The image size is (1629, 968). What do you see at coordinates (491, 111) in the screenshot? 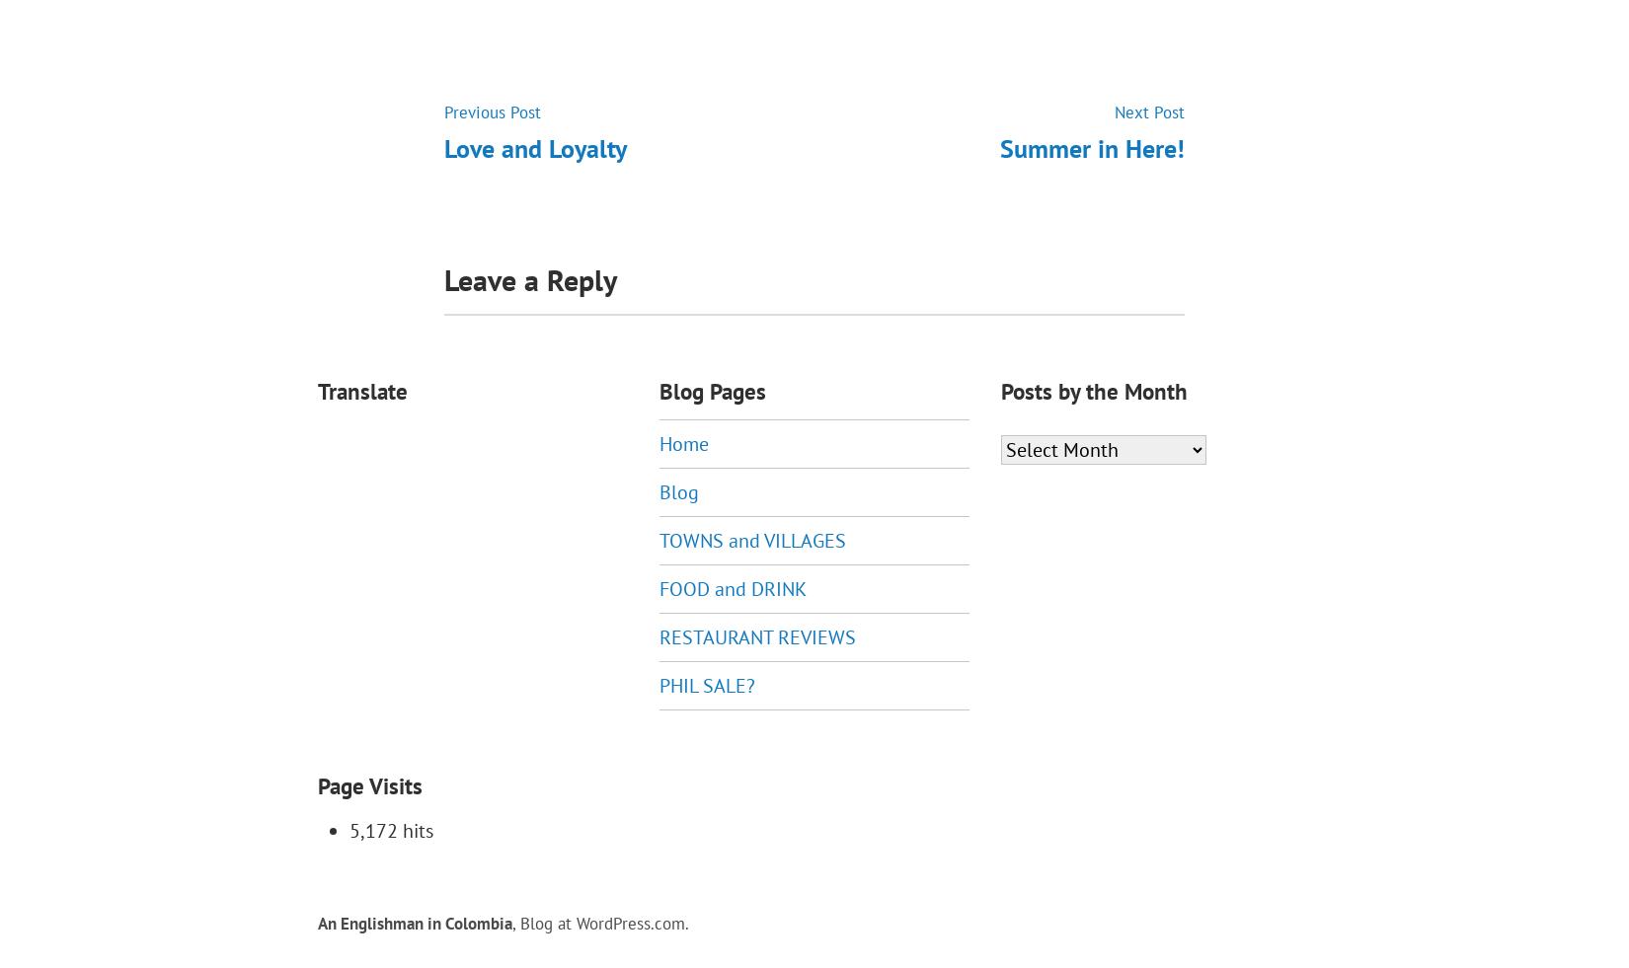
I see `'Previous Post'` at bounding box center [491, 111].